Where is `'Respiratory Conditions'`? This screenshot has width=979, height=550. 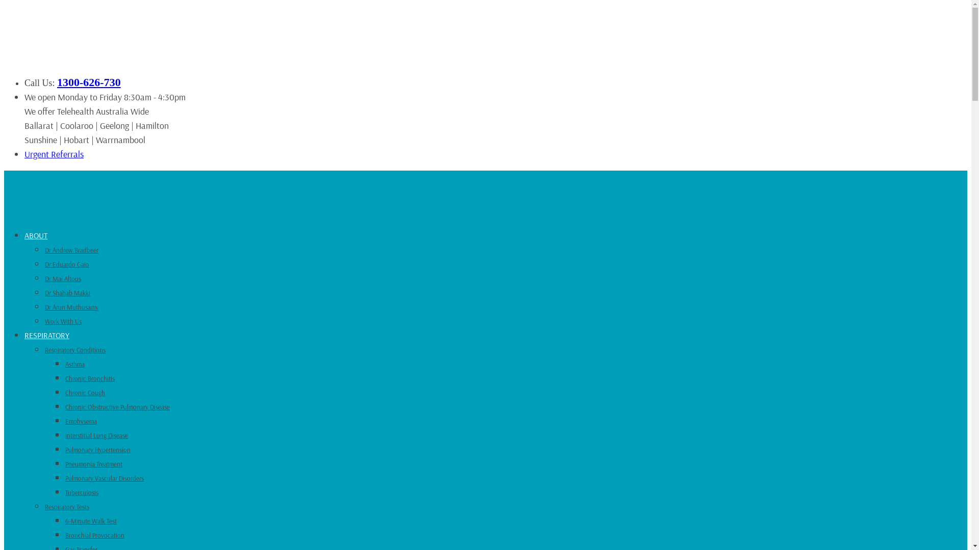 'Respiratory Conditions' is located at coordinates (74, 349).